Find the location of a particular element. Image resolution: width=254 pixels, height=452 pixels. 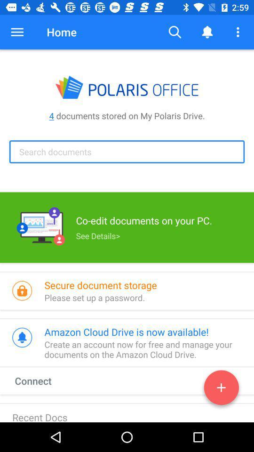

the item above the 4 documents stored is located at coordinates (17, 32).